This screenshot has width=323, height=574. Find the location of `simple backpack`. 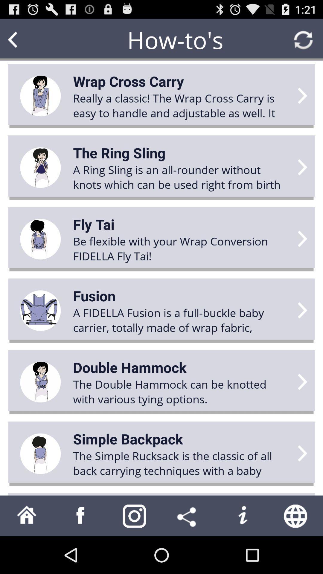

simple backpack is located at coordinates (128, 439).